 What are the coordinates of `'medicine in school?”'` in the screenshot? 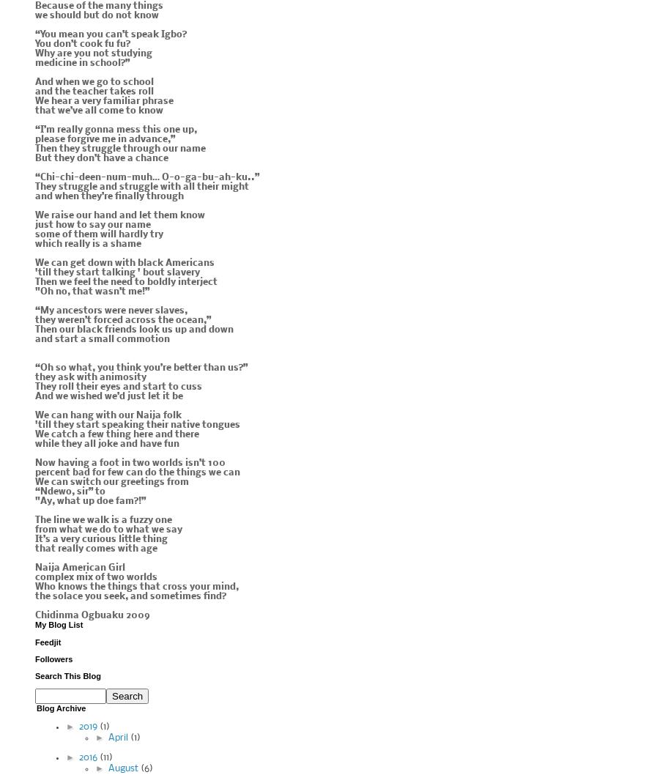 It's located at (81, 63).